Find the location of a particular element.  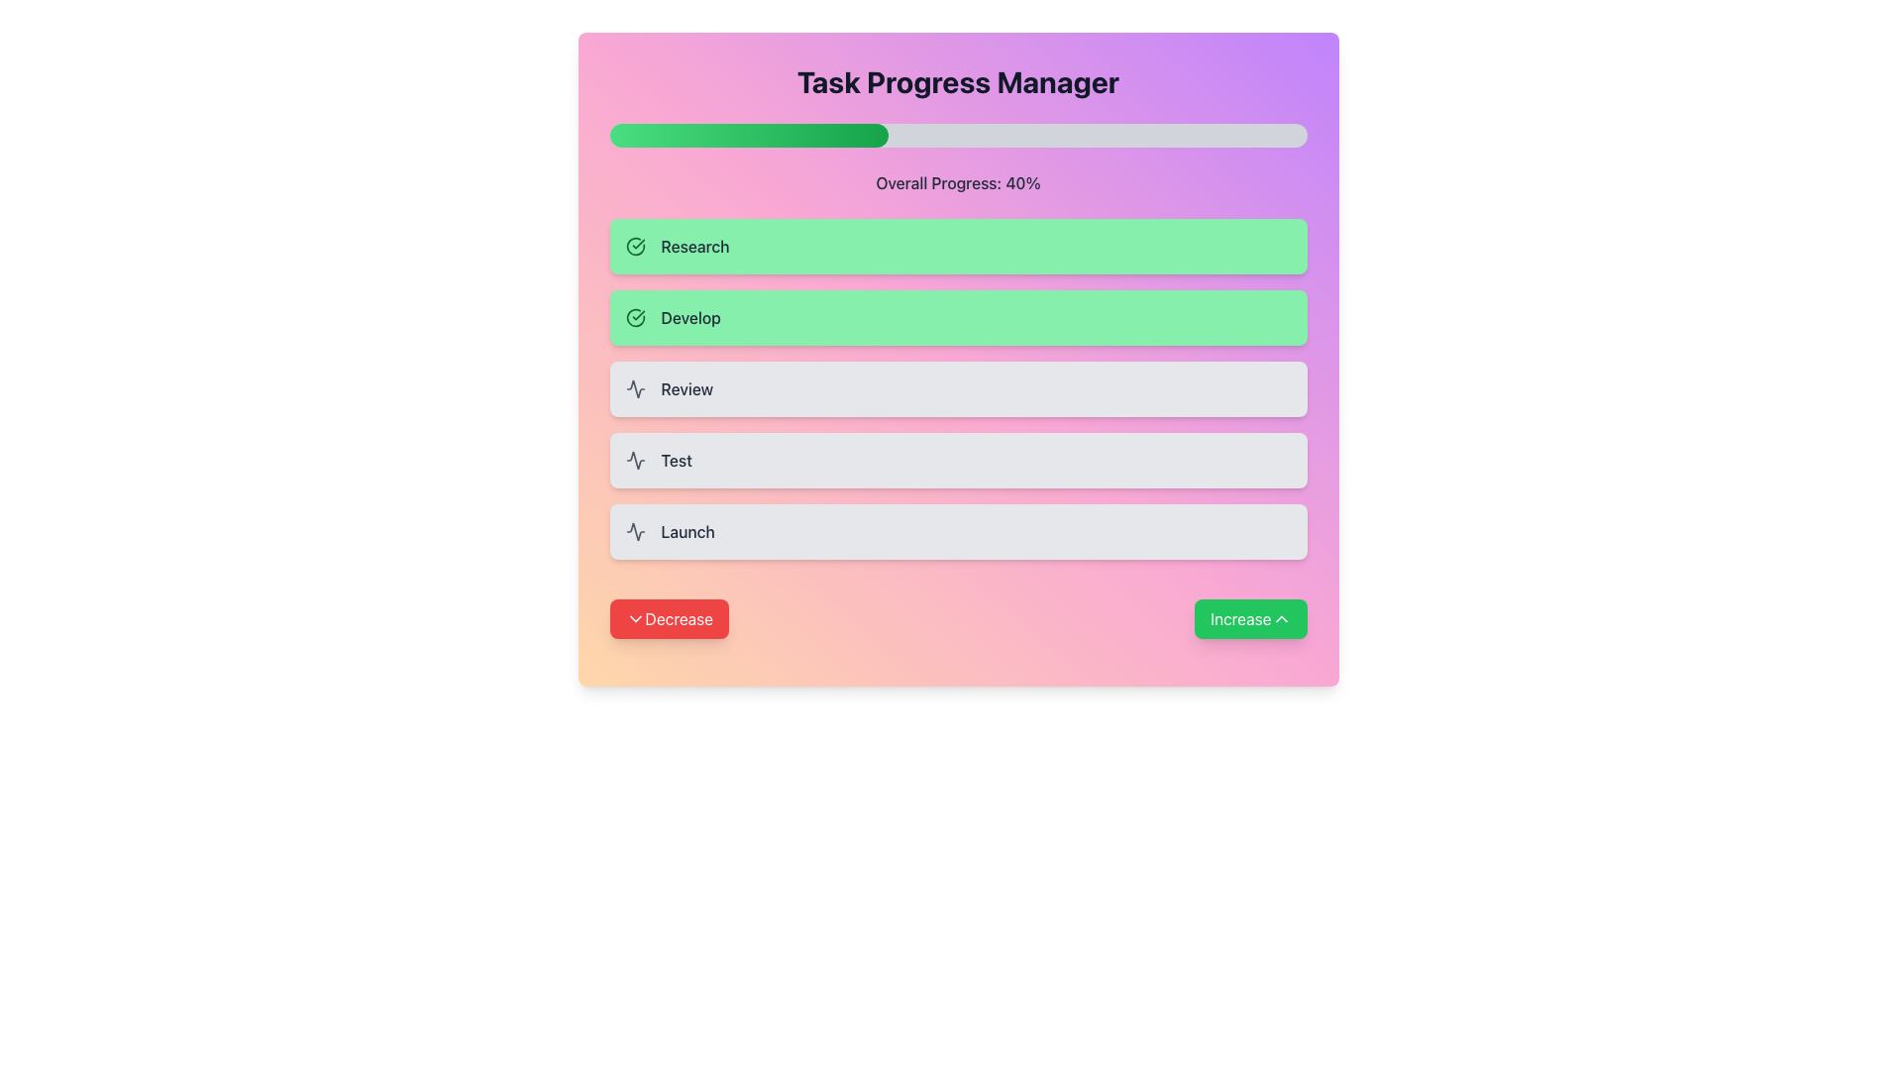

the chevron-down icon that indicates the 'Decrease' button, located near the lower-left corner of the application interface is located at coordinates (635, 617).